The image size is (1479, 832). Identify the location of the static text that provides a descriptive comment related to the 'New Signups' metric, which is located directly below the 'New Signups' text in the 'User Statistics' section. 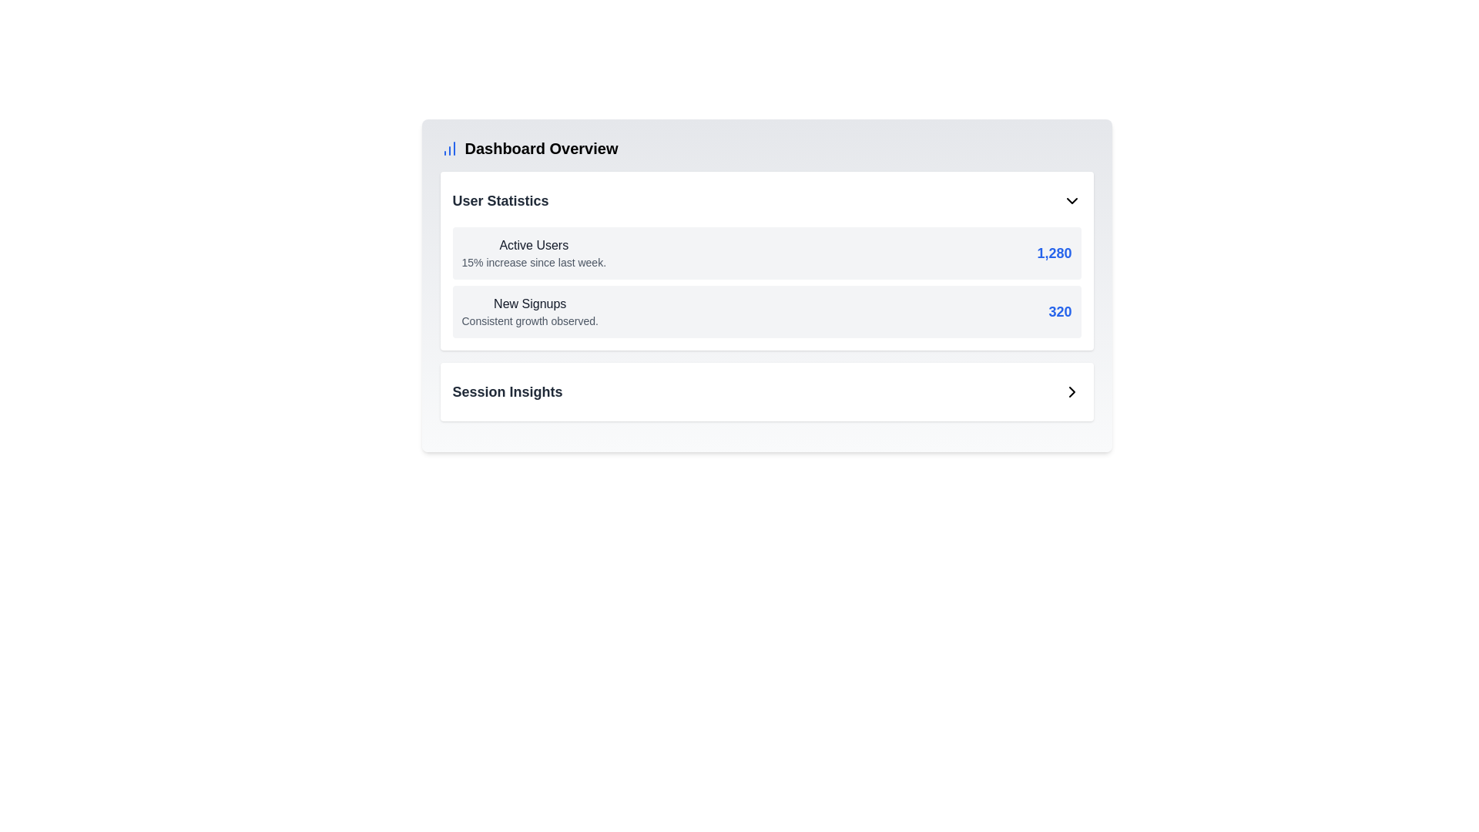
(530, 320).